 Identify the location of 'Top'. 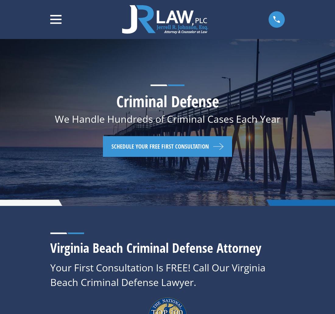
(324, 10).